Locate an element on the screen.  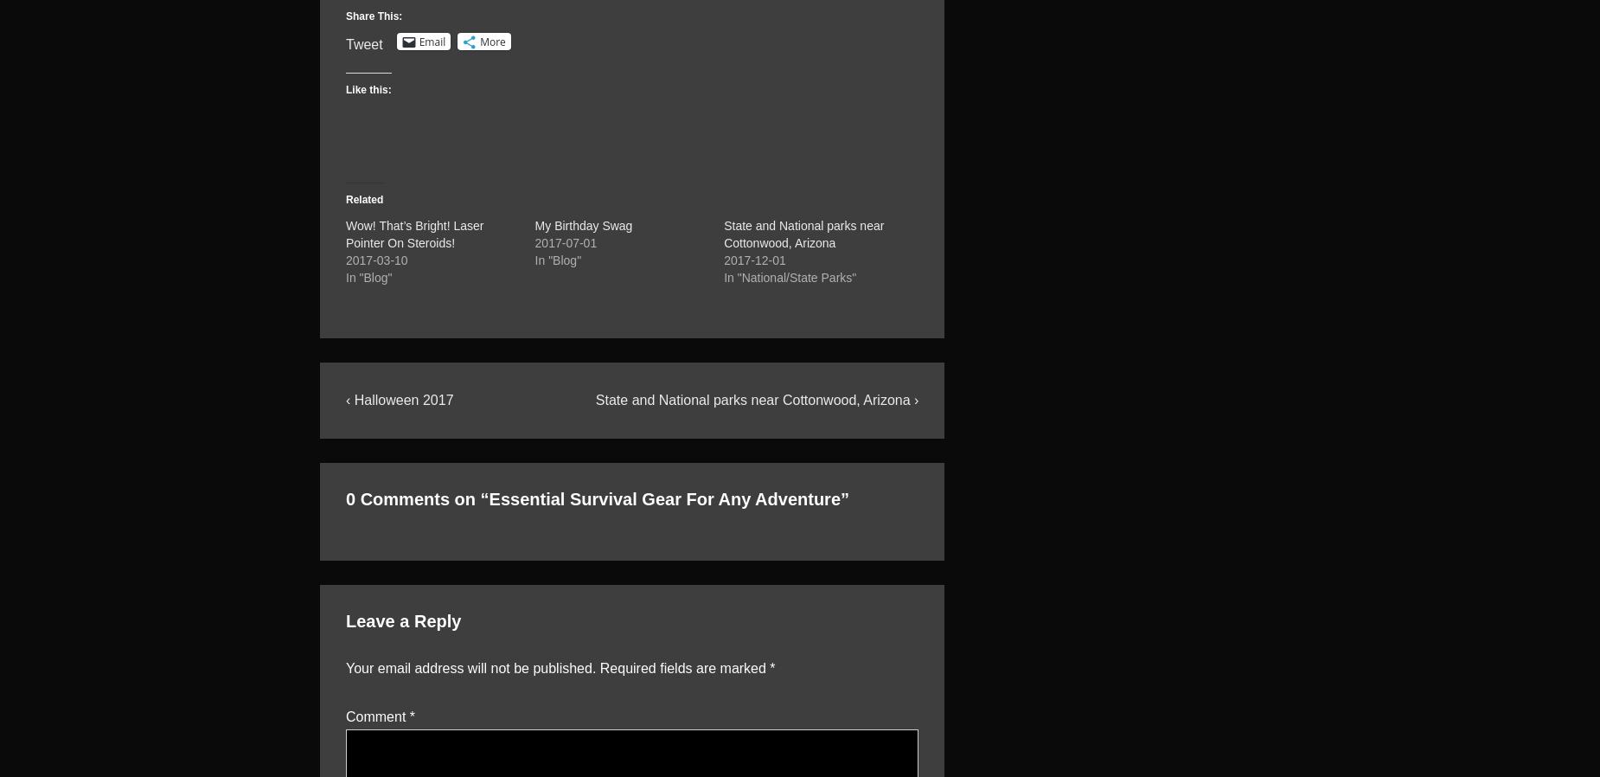
'Your email address will not be published.' is located at coordinates (470, 667).